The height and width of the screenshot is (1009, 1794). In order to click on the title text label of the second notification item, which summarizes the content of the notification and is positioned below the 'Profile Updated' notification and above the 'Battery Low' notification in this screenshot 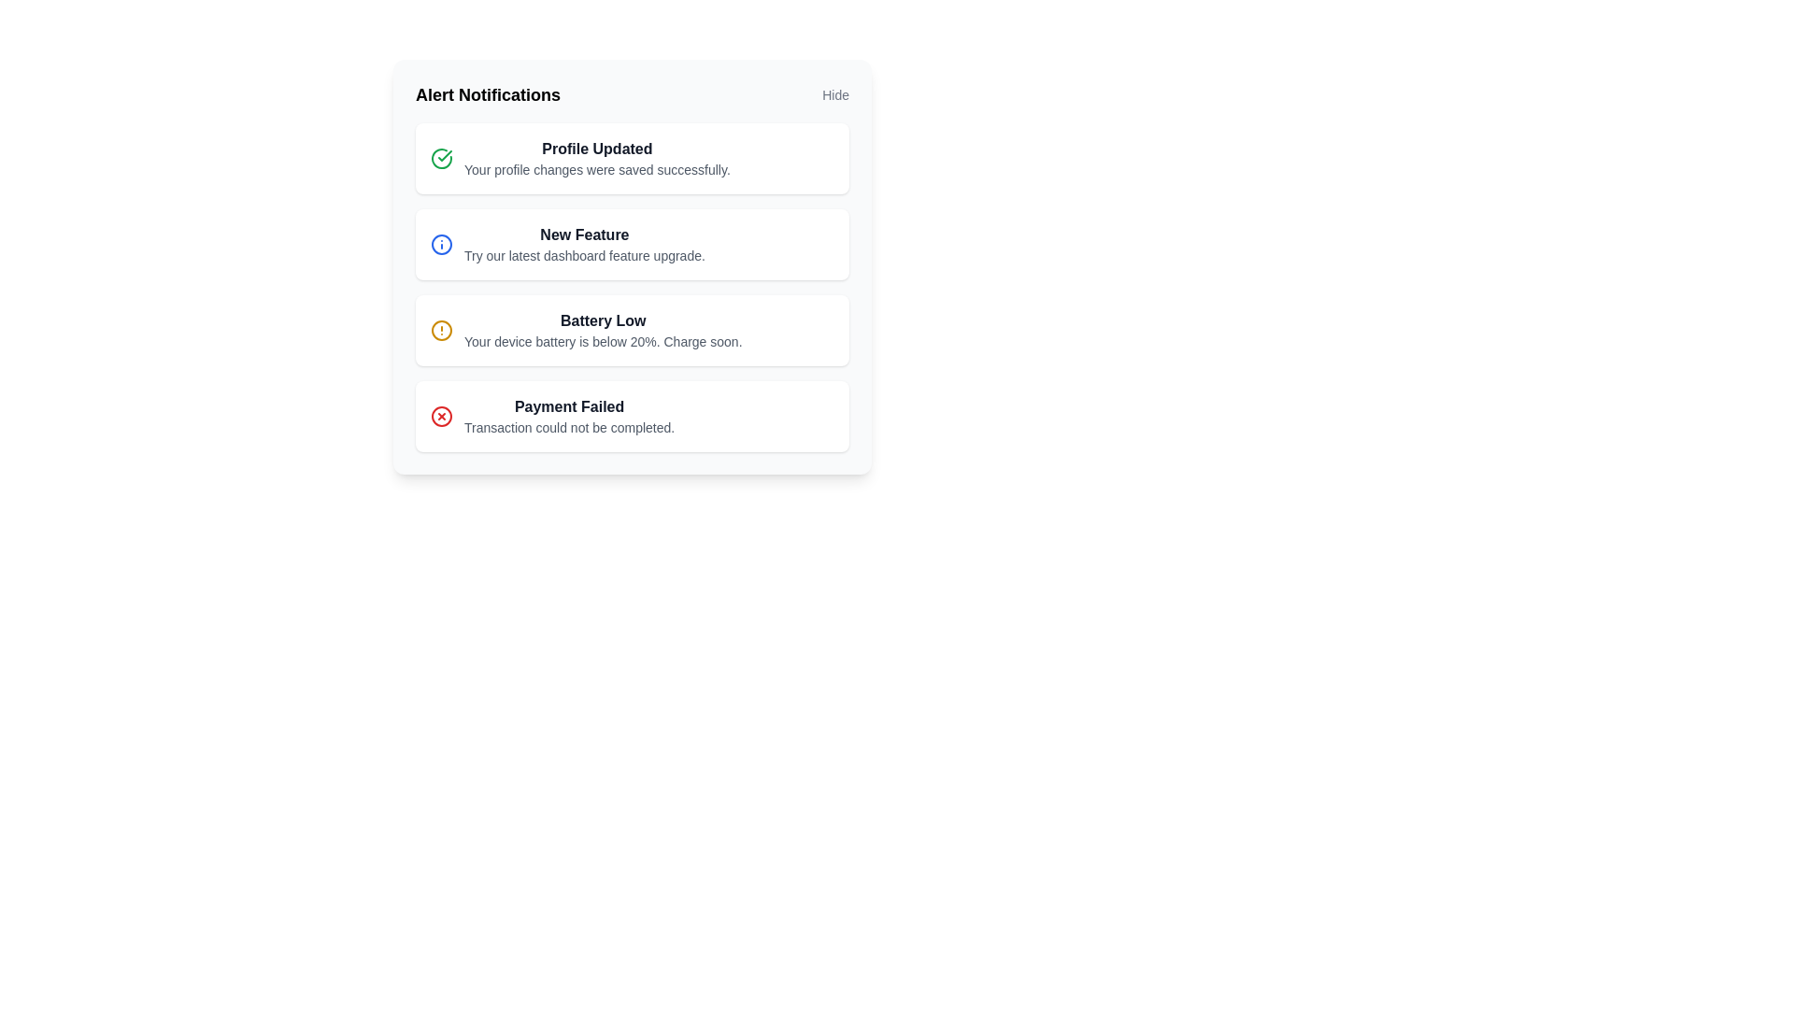, I will do `click(583, 234)`.